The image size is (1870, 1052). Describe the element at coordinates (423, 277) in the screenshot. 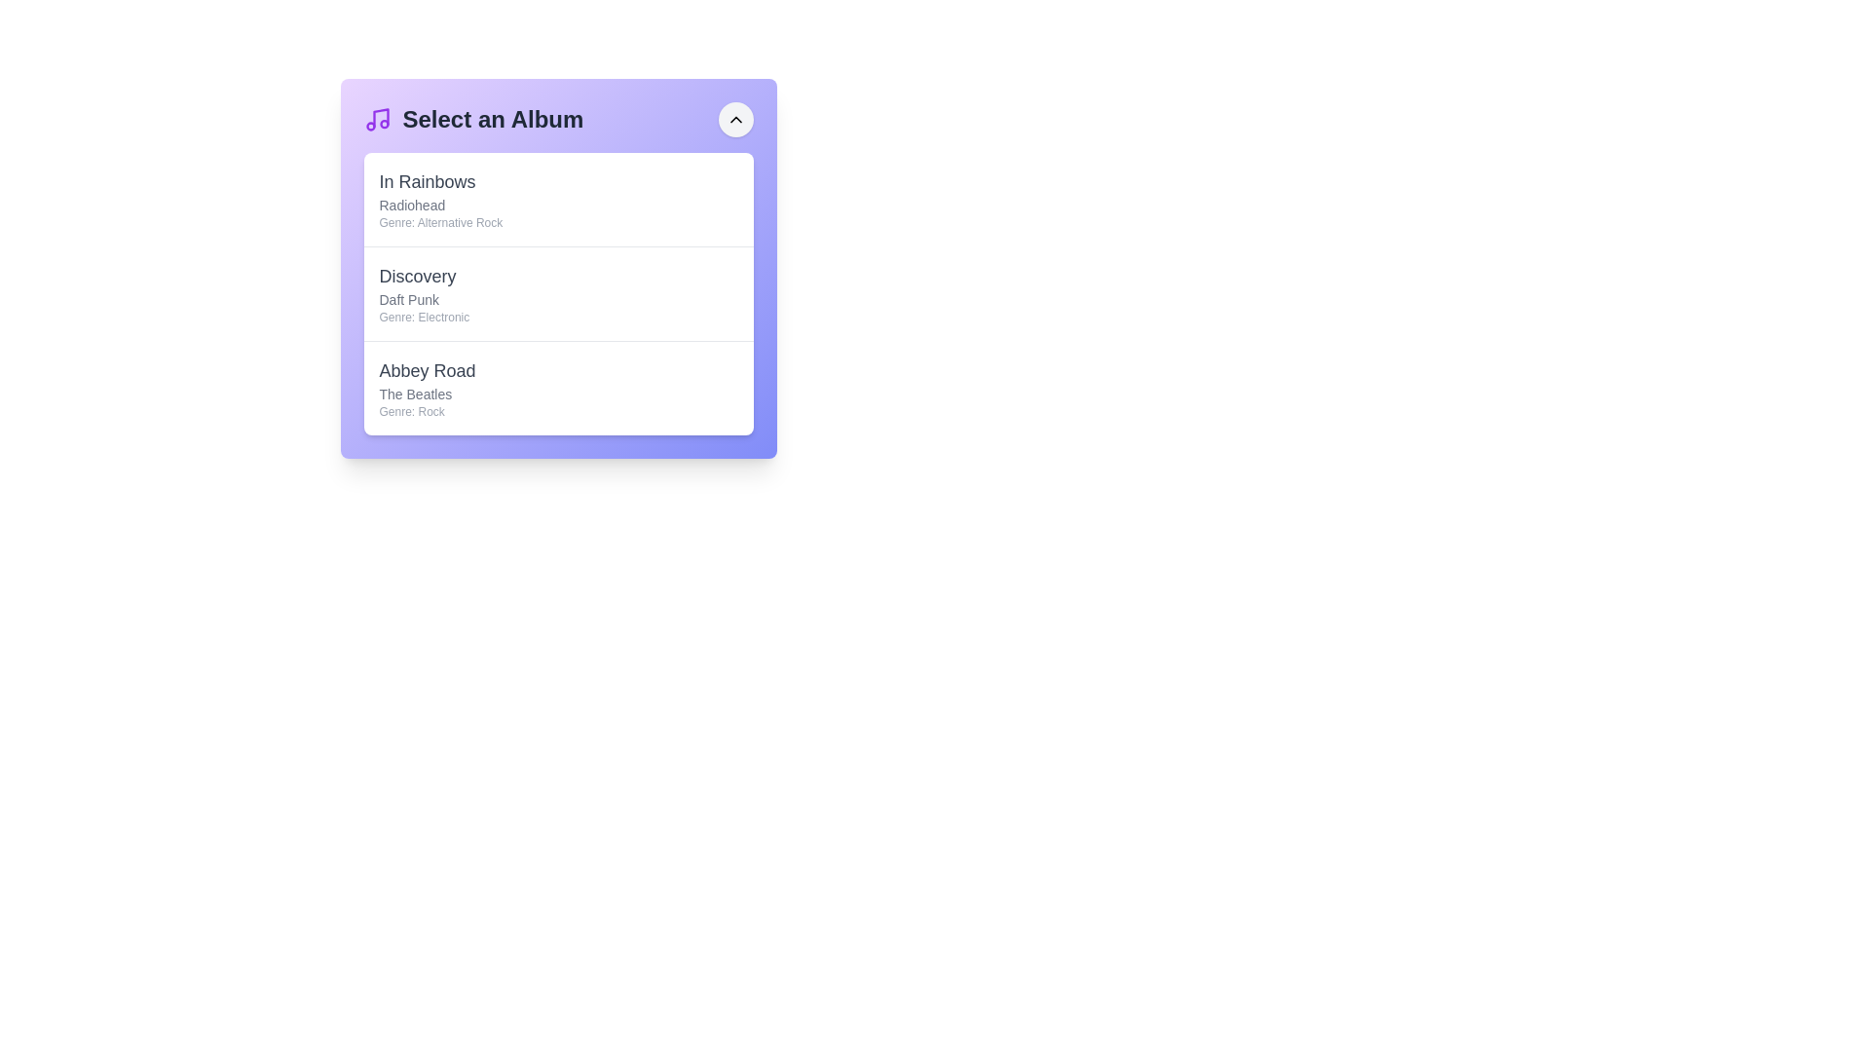

I see `the text label displaying 'Discovery', which is the main title of the second album entry in the list` at that location.